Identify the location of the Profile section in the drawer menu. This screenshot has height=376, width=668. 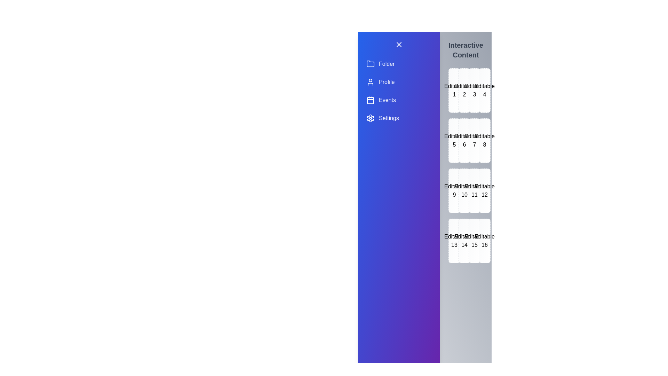
(399, 81).